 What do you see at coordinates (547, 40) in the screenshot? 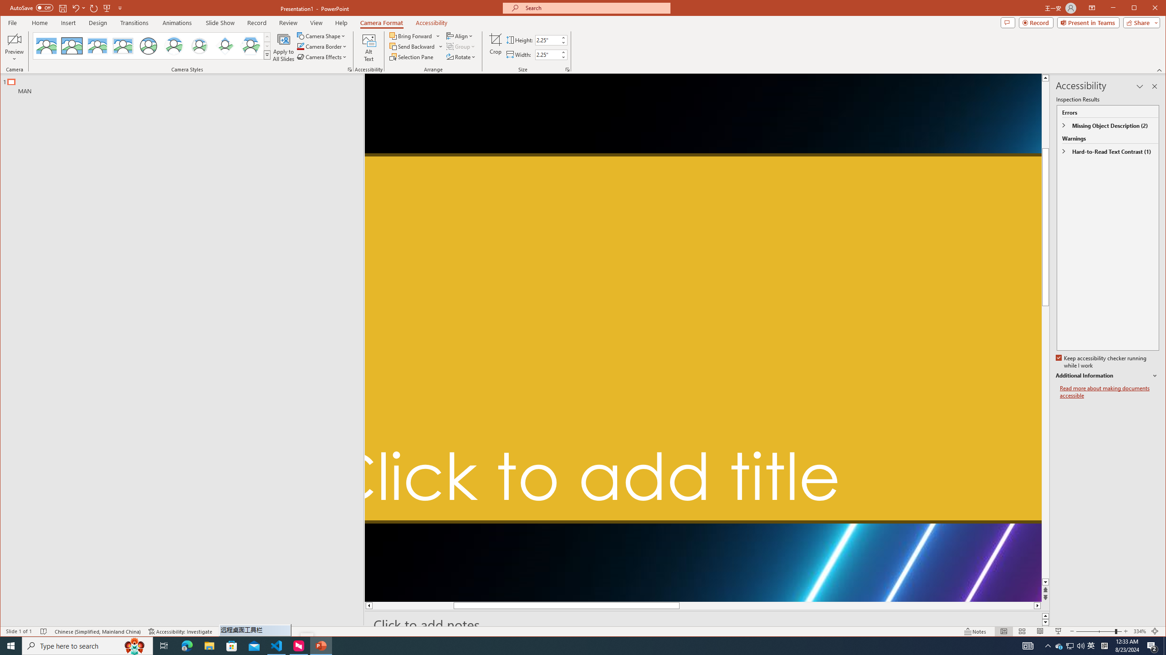
I see `'Cameo Height'` at bounding box center [547, 40].